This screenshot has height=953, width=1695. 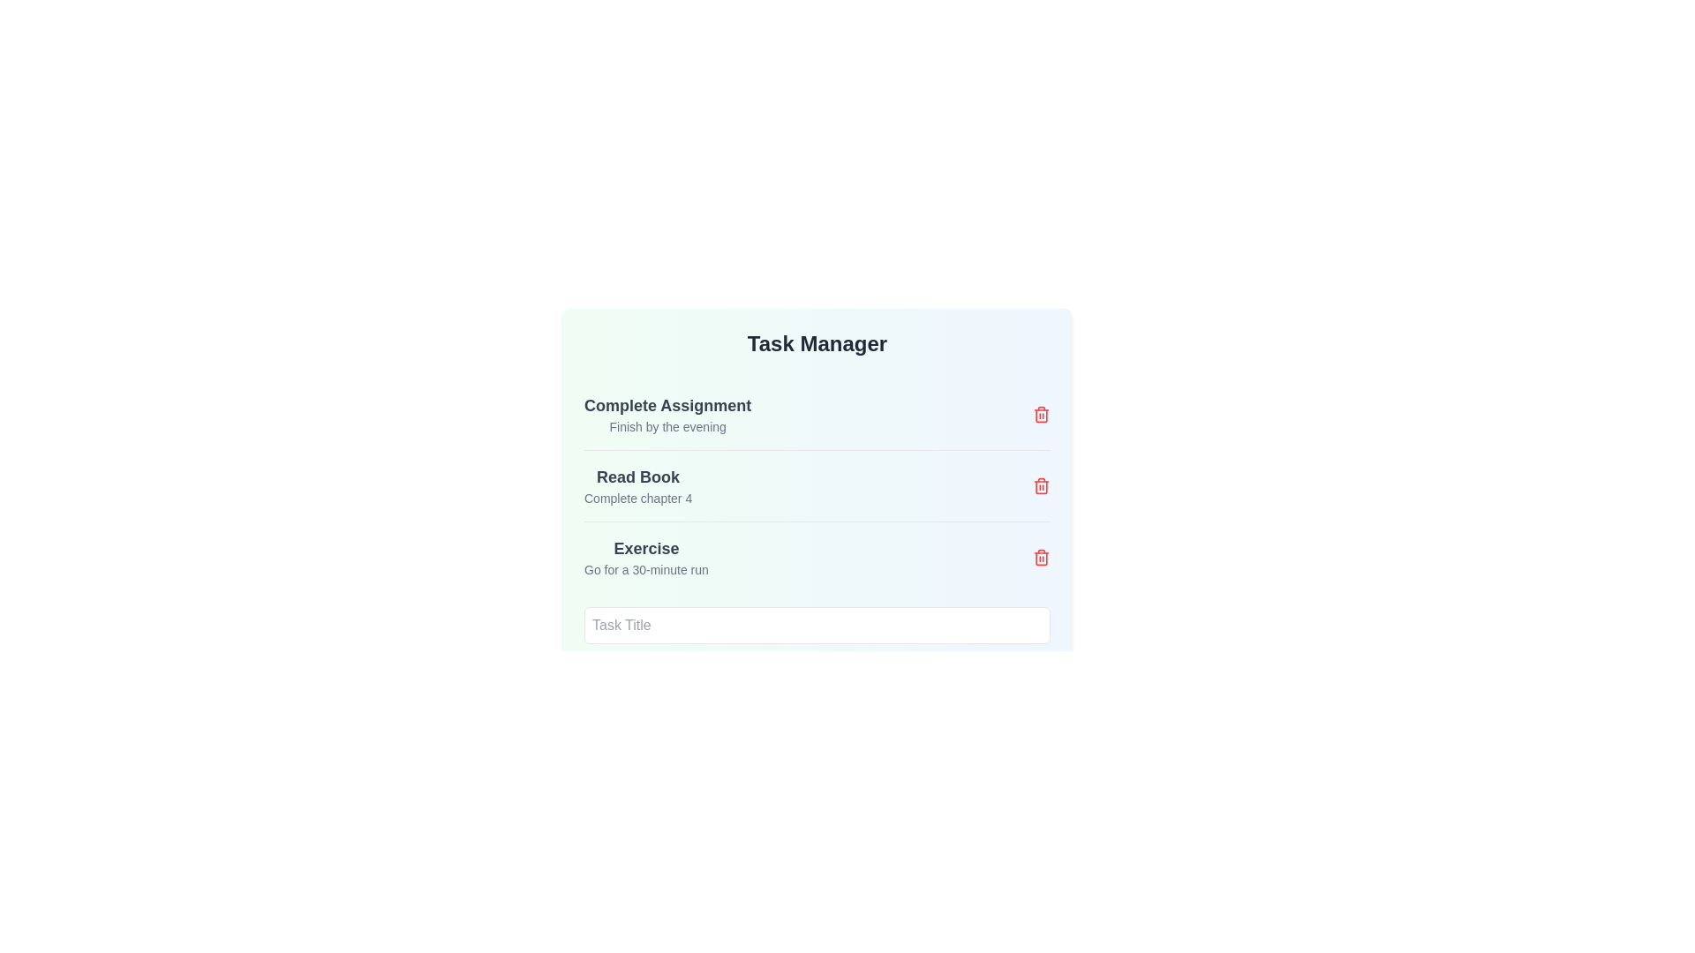 I want to click on the Text Label that indicates the title of a task in the task manager interface, positioned above the 'Finish by the evening' text, so click(x=667, y=405).